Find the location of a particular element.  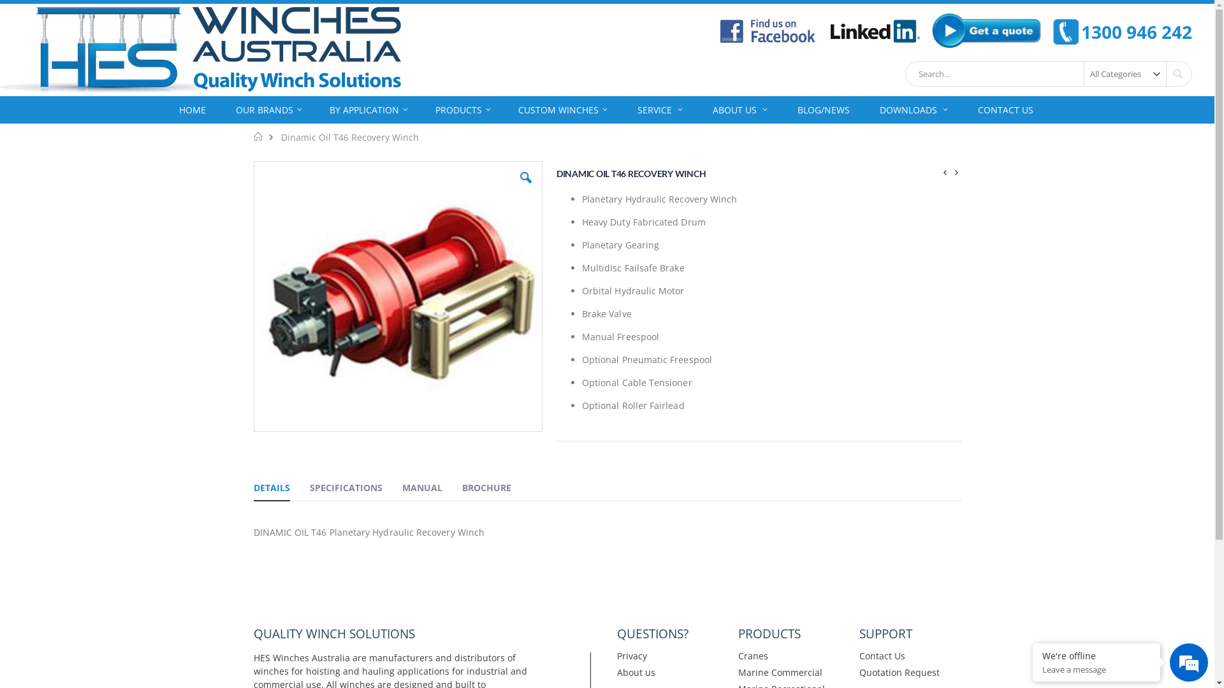

'Cranes' is located at coordinates (753, 656).